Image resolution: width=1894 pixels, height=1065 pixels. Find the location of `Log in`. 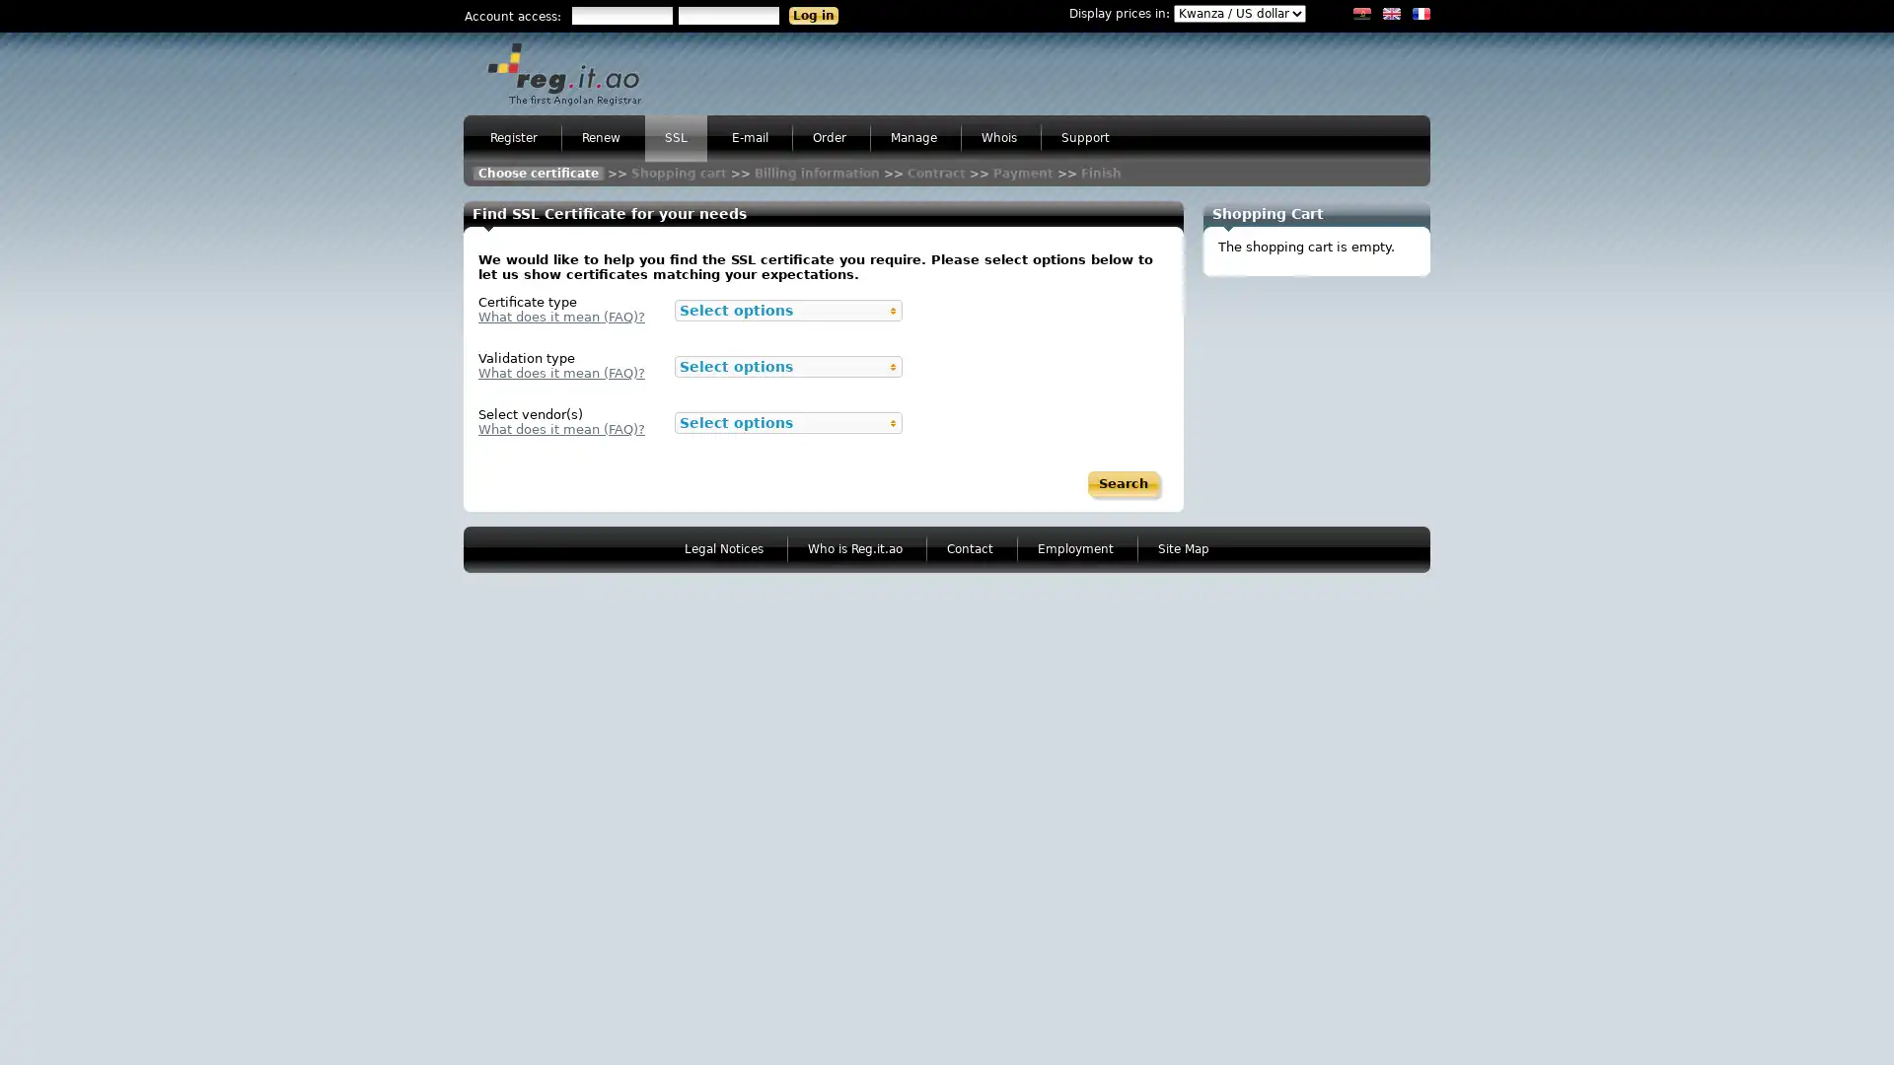

Log in is located at coordinates (814, 15).